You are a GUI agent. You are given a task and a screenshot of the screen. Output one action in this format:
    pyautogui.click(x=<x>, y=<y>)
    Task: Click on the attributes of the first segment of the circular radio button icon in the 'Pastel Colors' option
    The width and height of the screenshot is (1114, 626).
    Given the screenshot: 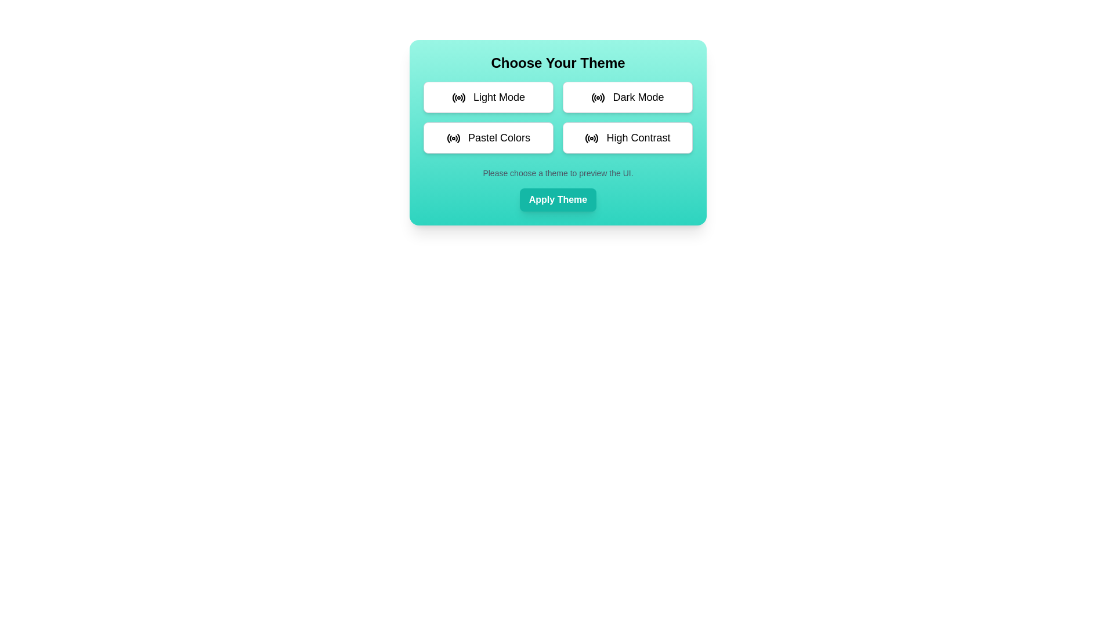 What is the action you would take?
    pyautogui.click(x=448, y=138)
    